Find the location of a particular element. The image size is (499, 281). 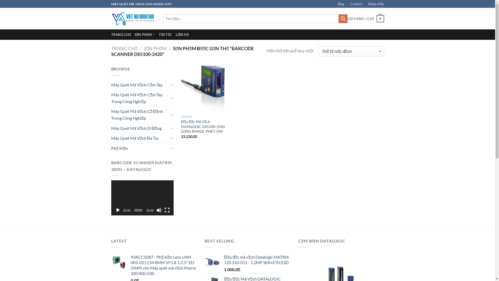

'Blog' is located at coordinates (338, 4).